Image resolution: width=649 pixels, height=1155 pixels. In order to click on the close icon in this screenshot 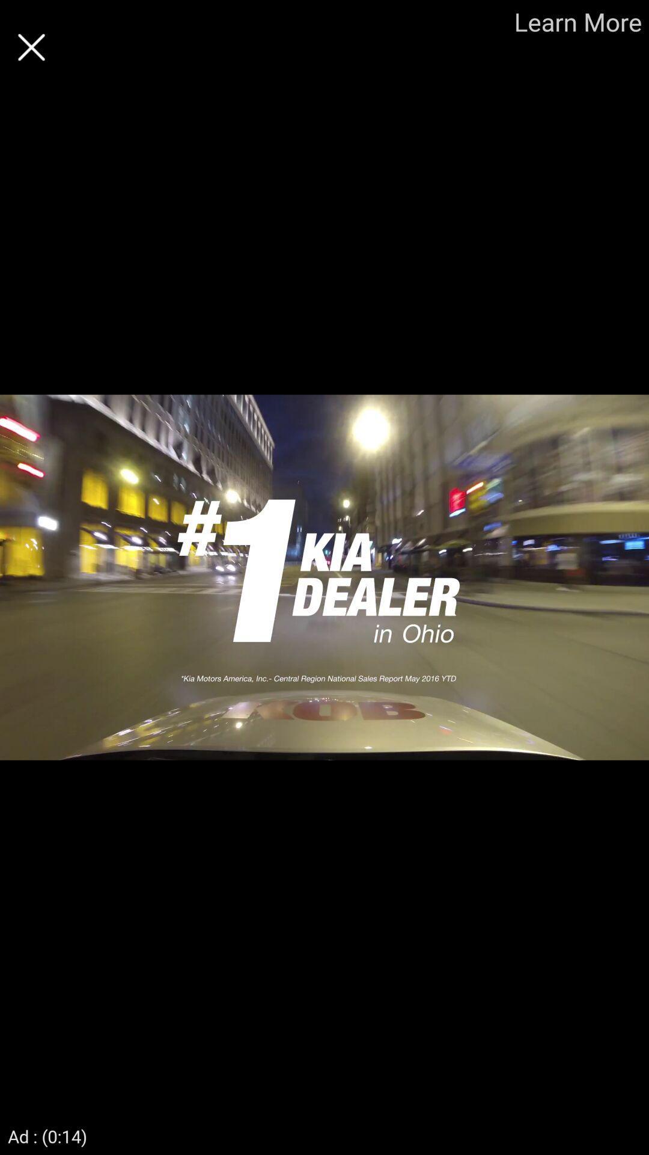, I will do `click(31, 47)`.